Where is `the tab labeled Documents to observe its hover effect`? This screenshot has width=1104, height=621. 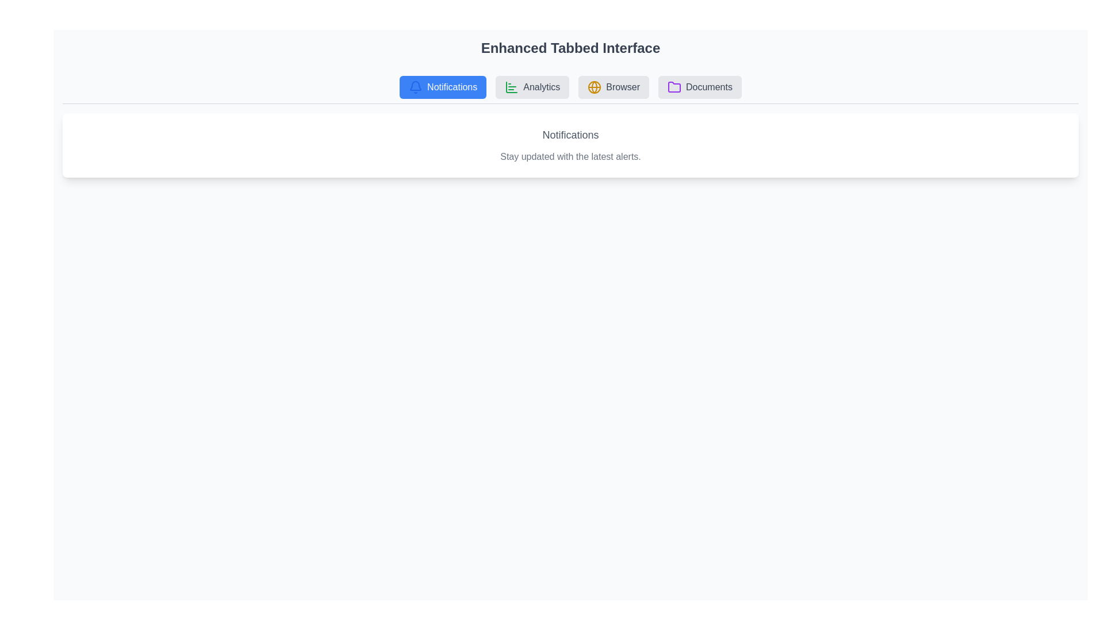 the tab labeled Documents to observe its hover effect is located at coordinates (699, 86).